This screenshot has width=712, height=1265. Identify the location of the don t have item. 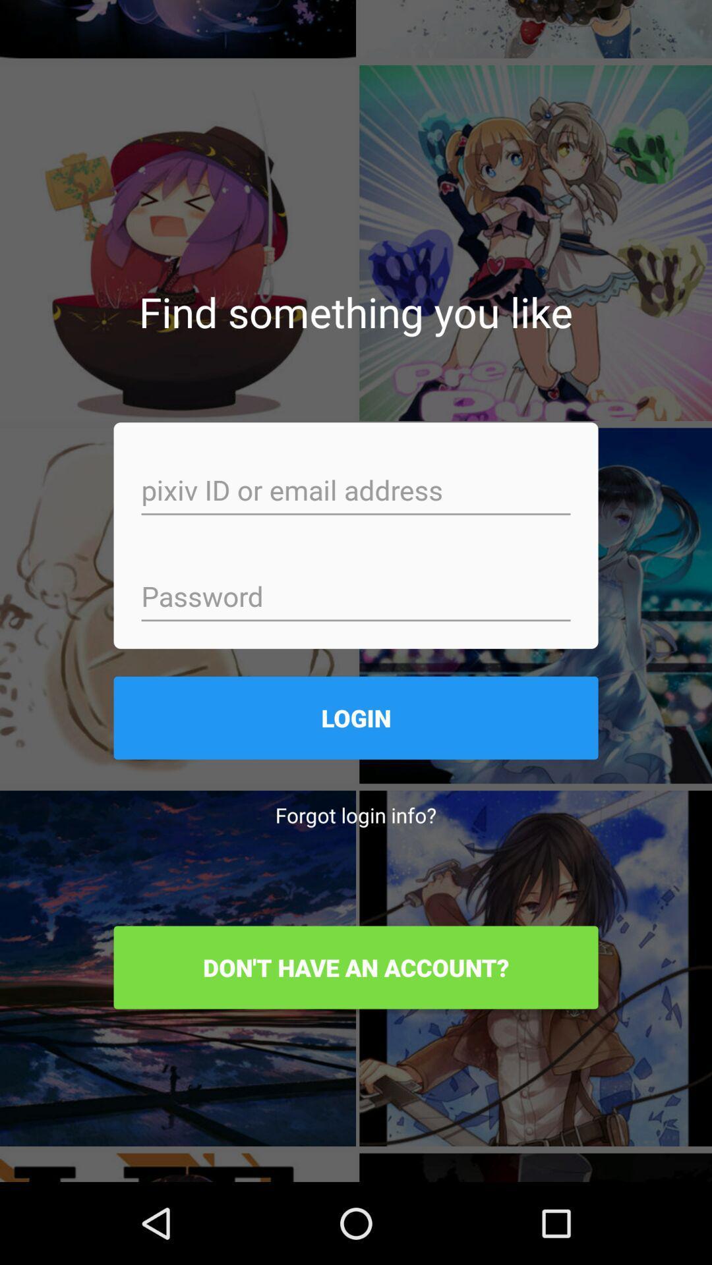
(356, 967).